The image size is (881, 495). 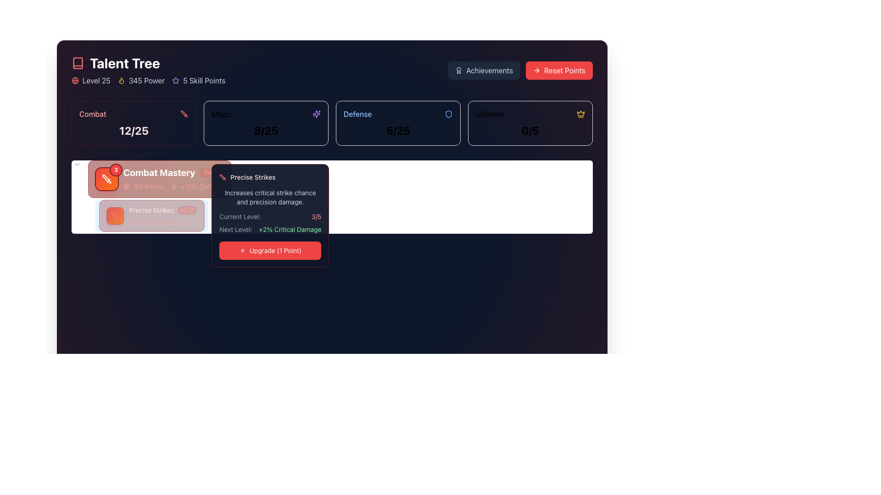 What do you see at coordinates (351, 146) in the screenshot?
I see `the circular outline of the clock icon, which is part of an SVG graphic and positioned above the 'Defense' section, aligning with similar icons` at bounding box center [351, 146].